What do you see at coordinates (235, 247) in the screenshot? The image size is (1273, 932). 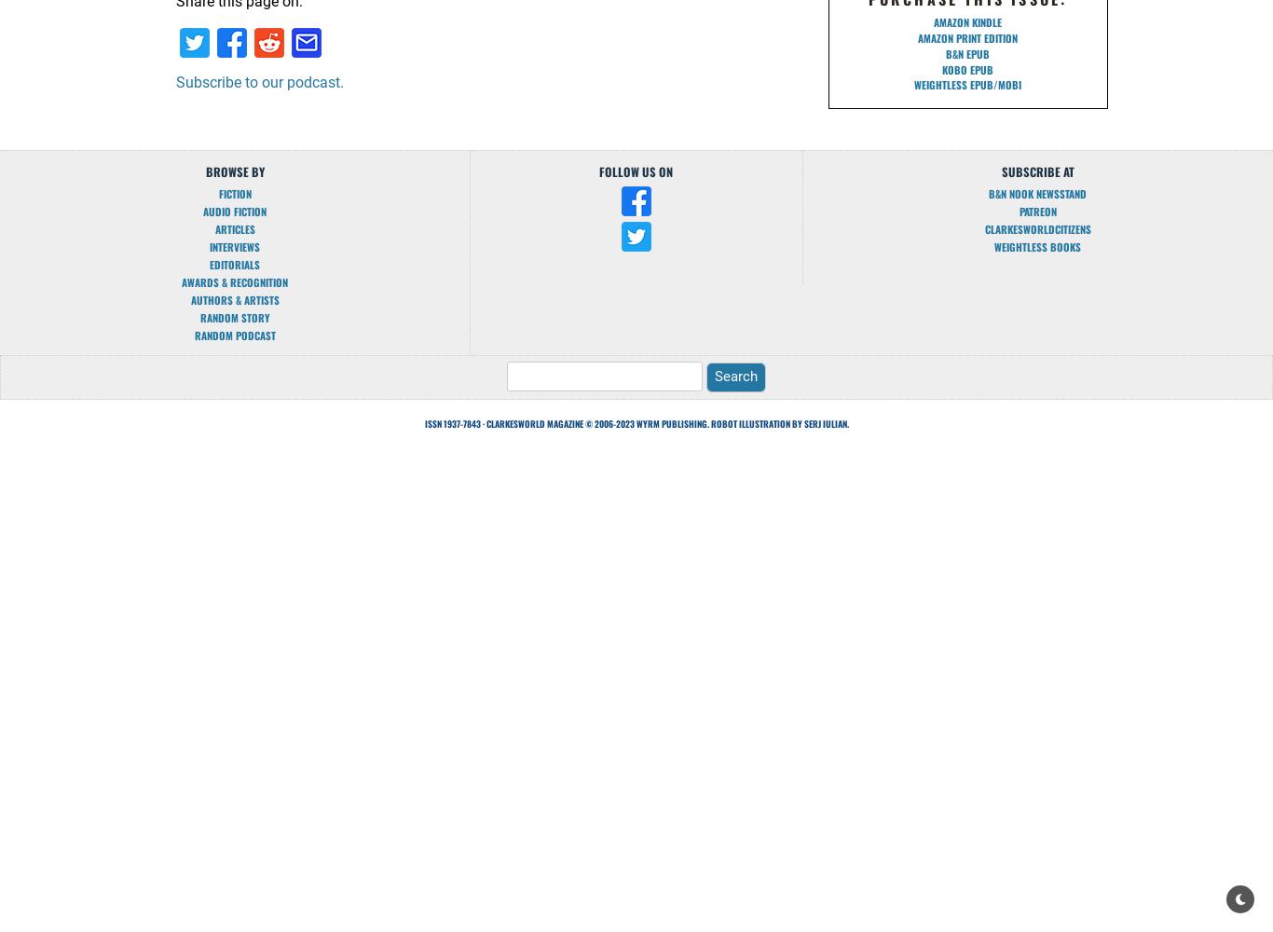 I see `'Interviews'` at bounding box center [235, 247].